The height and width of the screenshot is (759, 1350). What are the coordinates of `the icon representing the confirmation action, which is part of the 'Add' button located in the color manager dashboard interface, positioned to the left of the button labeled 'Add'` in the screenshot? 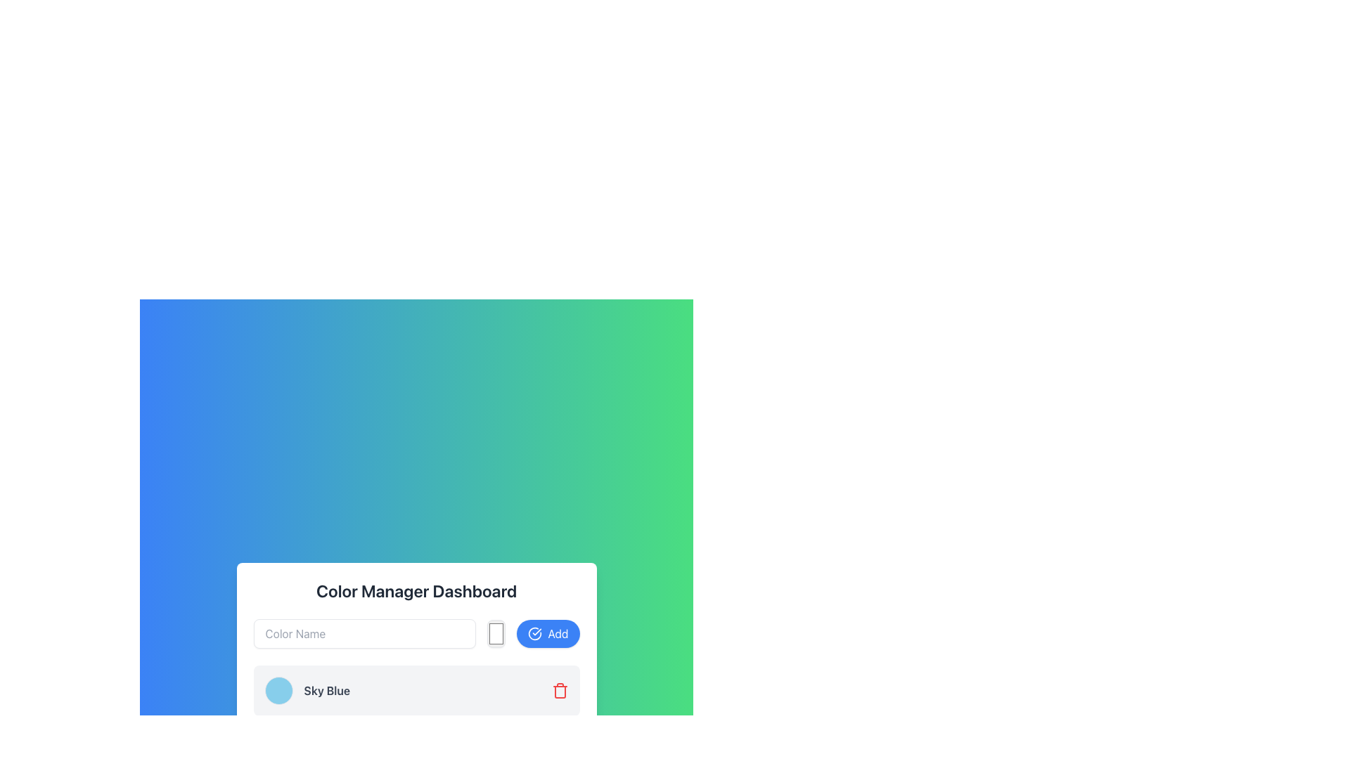 It's located at (534, 634).